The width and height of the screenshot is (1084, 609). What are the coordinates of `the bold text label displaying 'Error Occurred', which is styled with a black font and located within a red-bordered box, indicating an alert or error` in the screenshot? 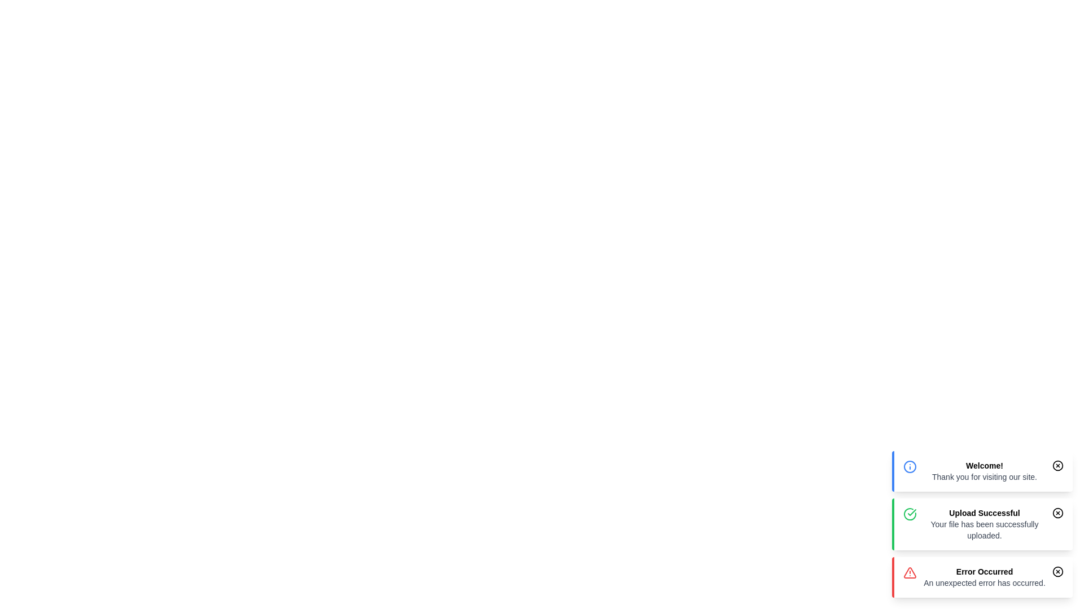 It's located at (984, 572).